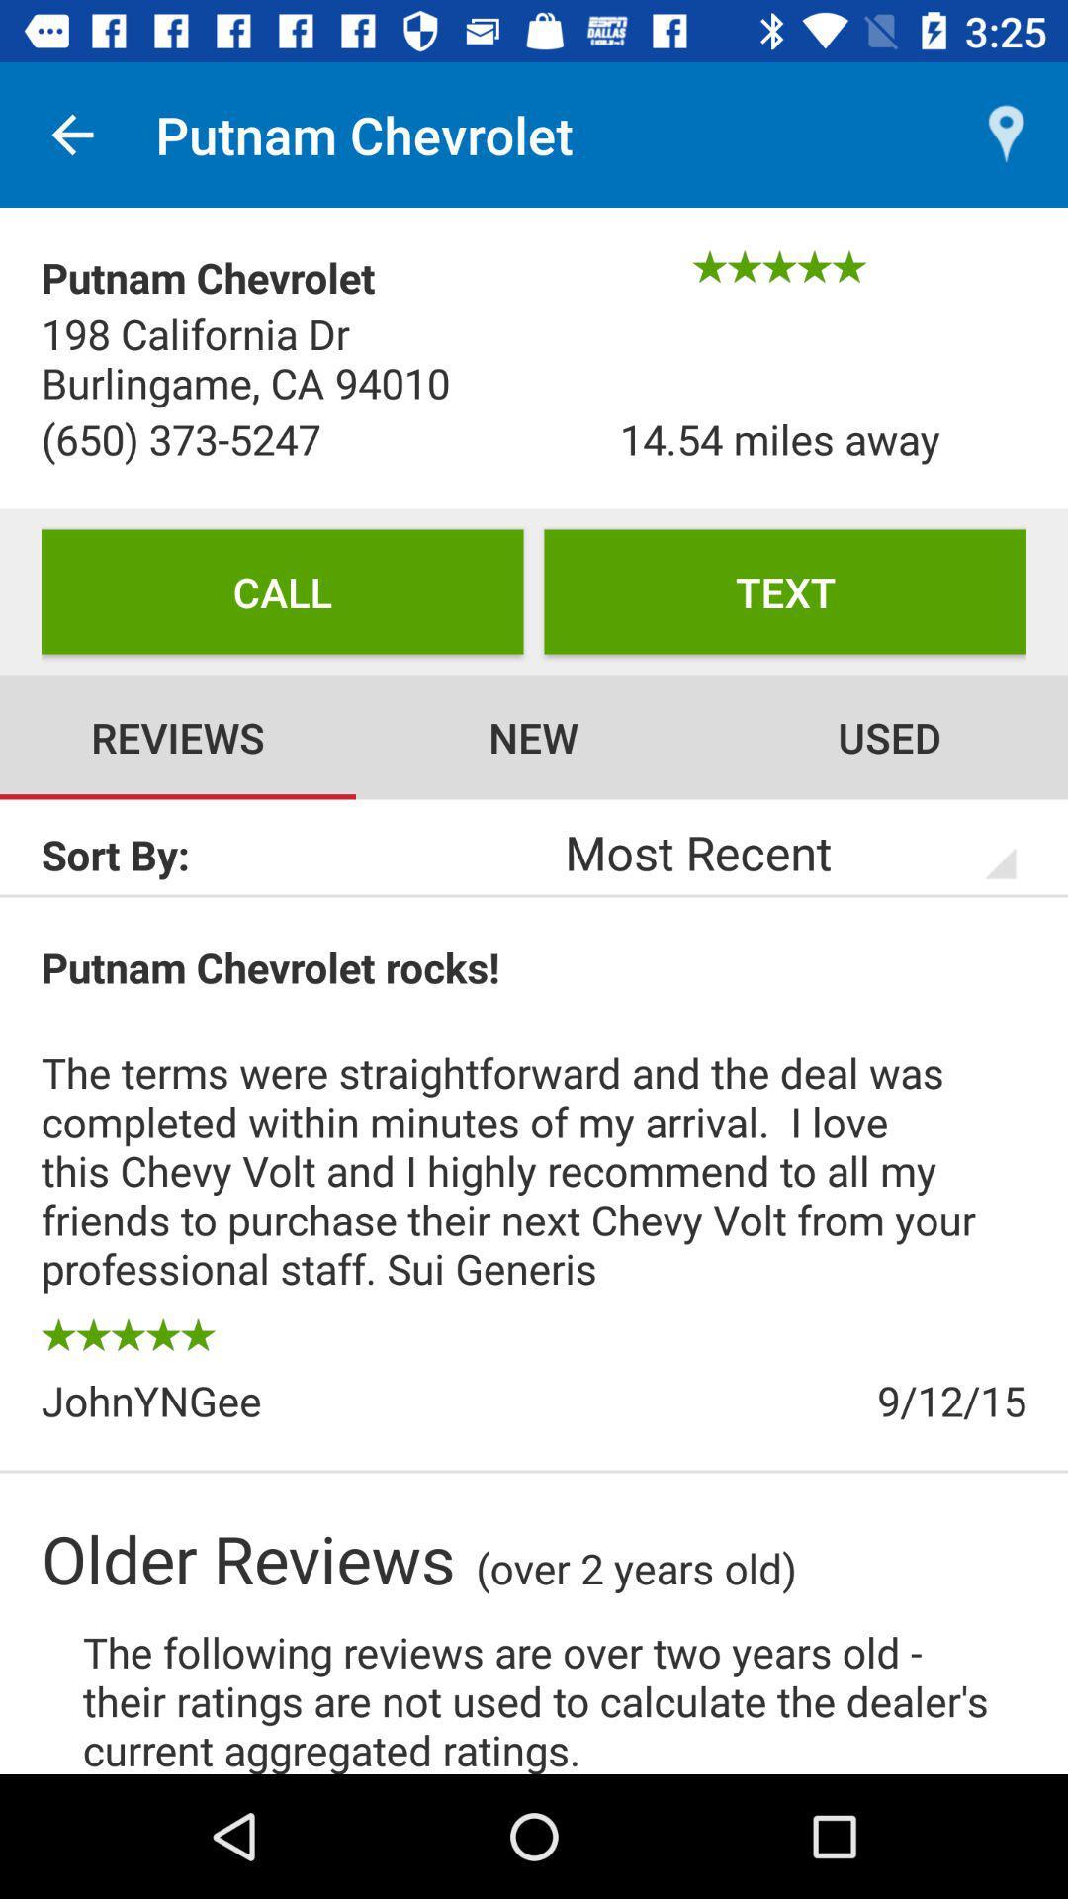 Image resolution: width=1068 pixels, height=1899 pixels. Describe the element at coordinates (287, 1400) in the screenshot. I see `the item to the left of 9/12/15 icon` at that location.